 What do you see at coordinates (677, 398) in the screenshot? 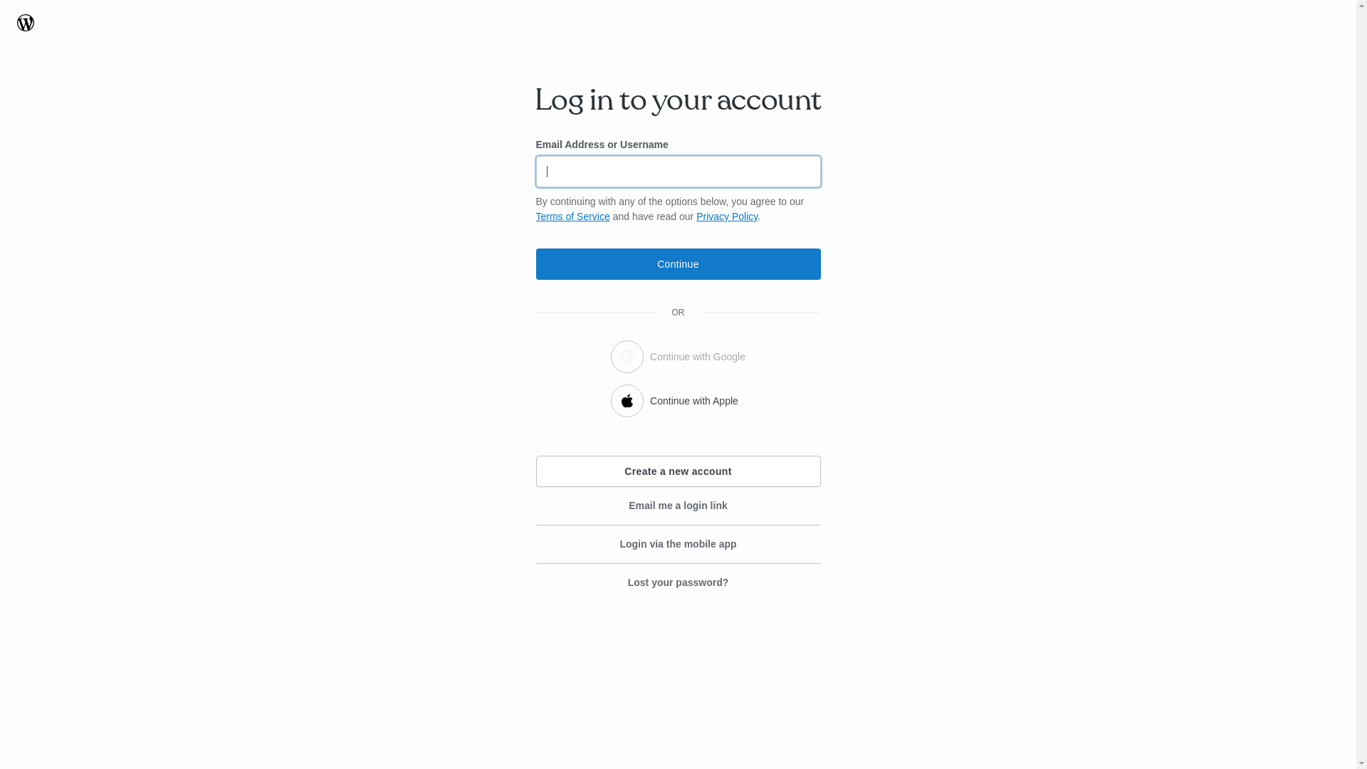
I see `'Continue with Apple'` at bounding box center [677, 398].